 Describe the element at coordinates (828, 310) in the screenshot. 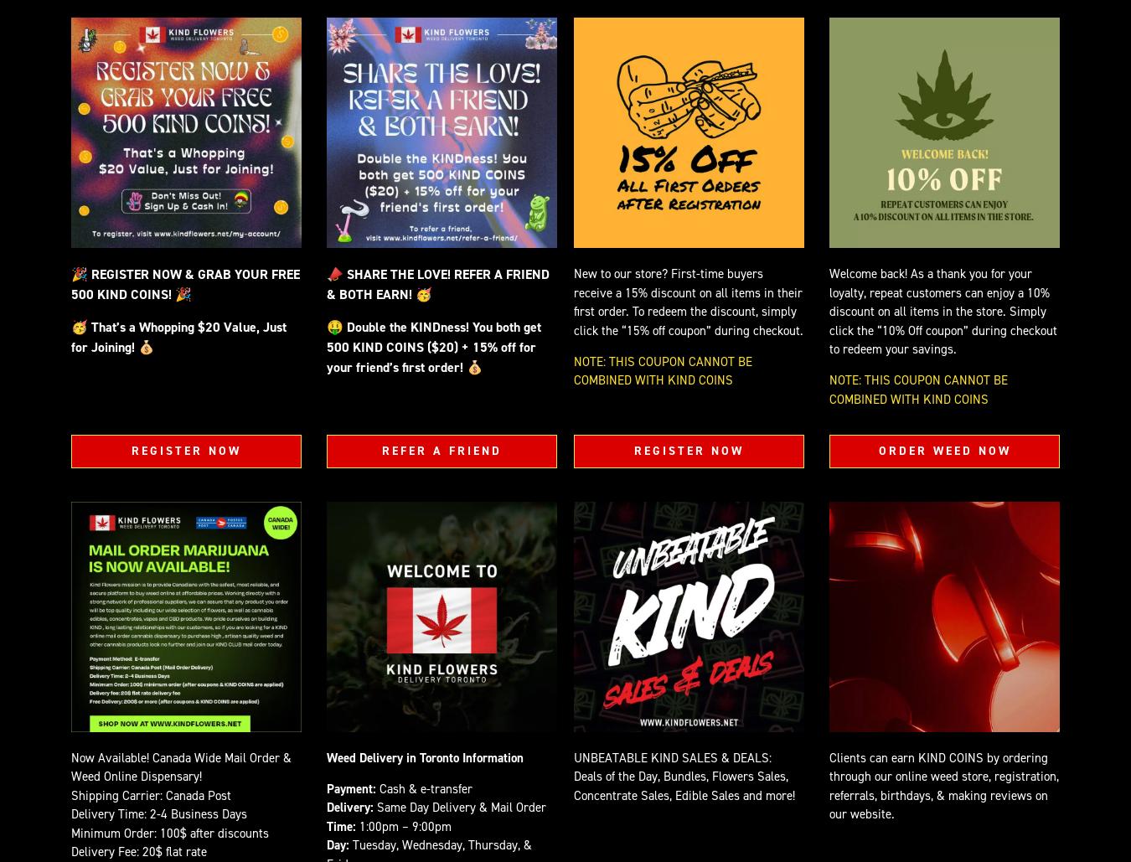

I see `'Welcome back! As a thank you for your loyalty, repeat customers can enjoy a 10% discount on all items in the store. Simply click the “10% Off coupon” during checkout to redeem your savings.'` at that location.